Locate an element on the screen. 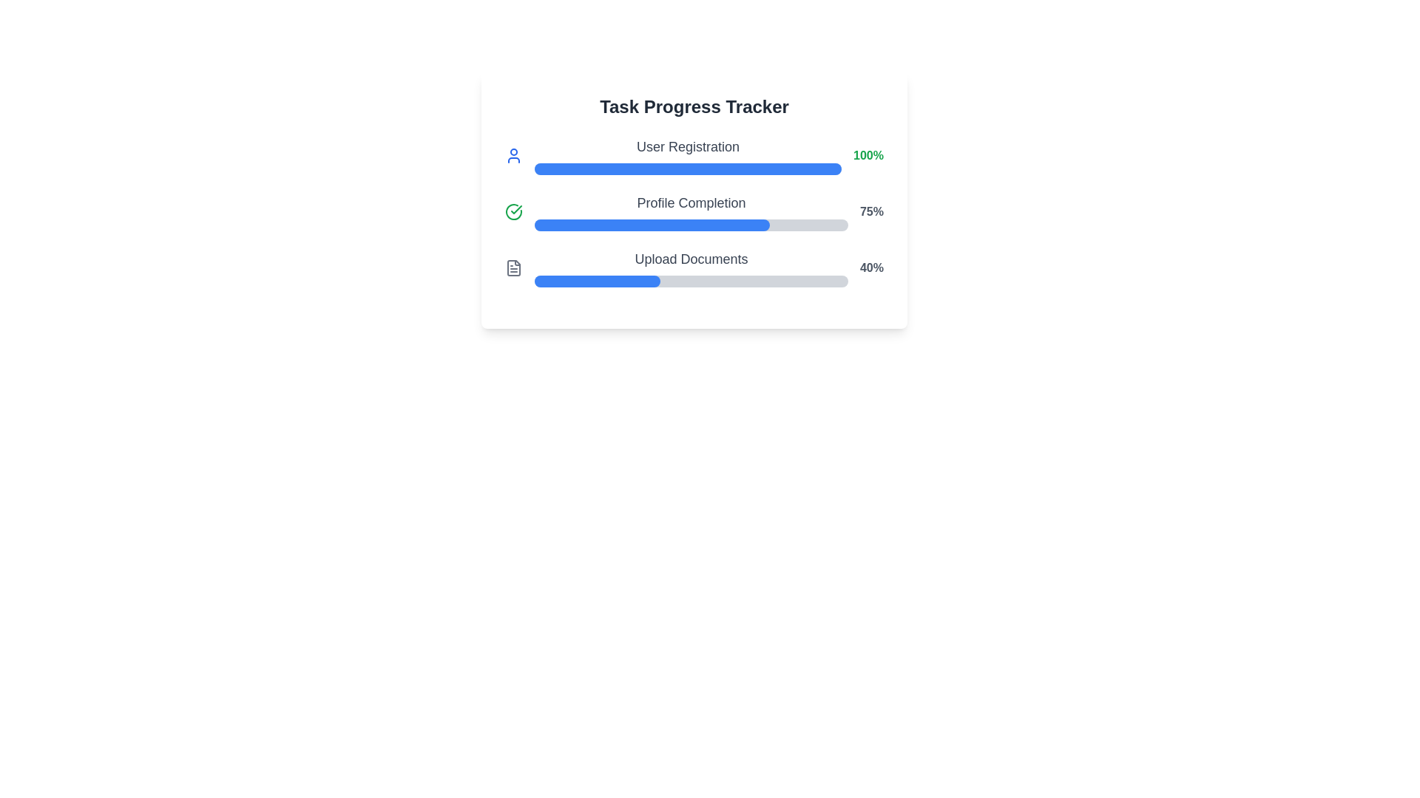 The height and width of the screenshot is (798, 1420). textual content of the Progress Tracker indicating the status of the 'Profile Completion' task, which is the second progress indicator in a vertical list of task progress items is located at coordinates (691, 211).